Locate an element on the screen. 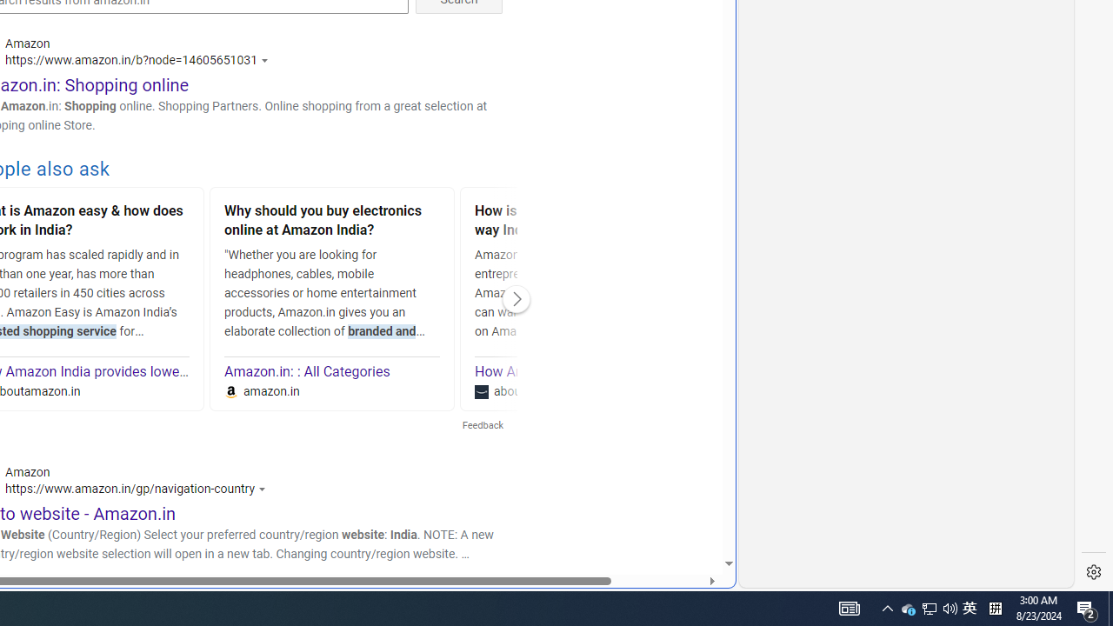 Image resolution: width=1113 pixels, height=626 pixels. 'Actions for this site' is located at coordinates (264, 489).